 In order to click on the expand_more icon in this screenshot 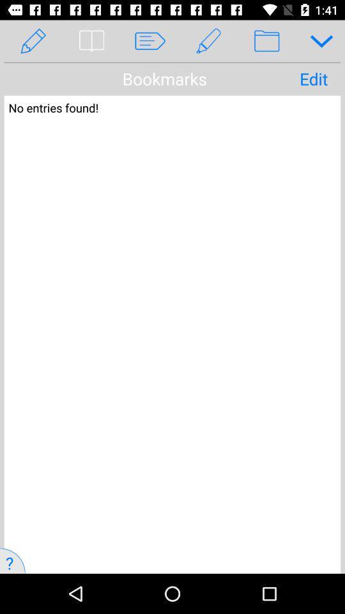, I will do `click(316, 41)`.